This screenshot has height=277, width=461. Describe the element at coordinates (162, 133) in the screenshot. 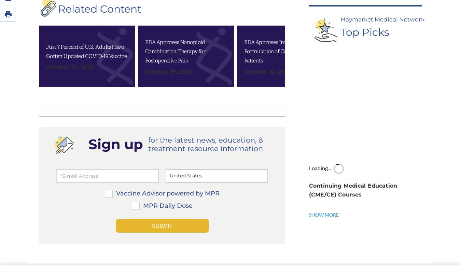

I see `'Submit'` at that location.